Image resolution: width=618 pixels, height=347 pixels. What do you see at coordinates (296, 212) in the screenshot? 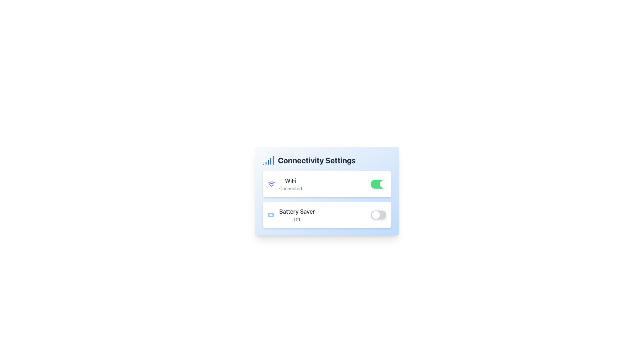
I see `the 'Battery Saver' static text label, which is displayed in dark gray on a light blue card outlining connectivity settings` at bounding box center [296, 212].